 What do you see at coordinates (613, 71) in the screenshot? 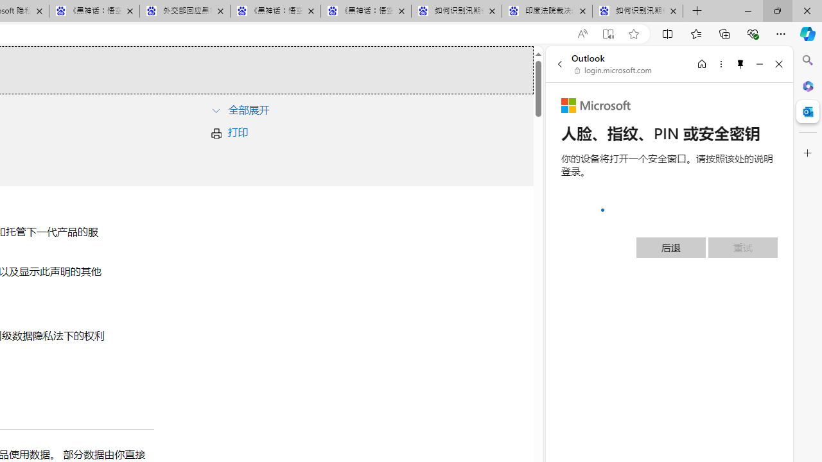
I see `'login.microsoft.com'` at bounding box center [613, 71].